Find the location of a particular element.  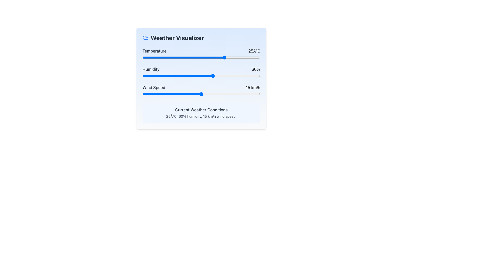

the humidity level is located at coordinates (192, 76).